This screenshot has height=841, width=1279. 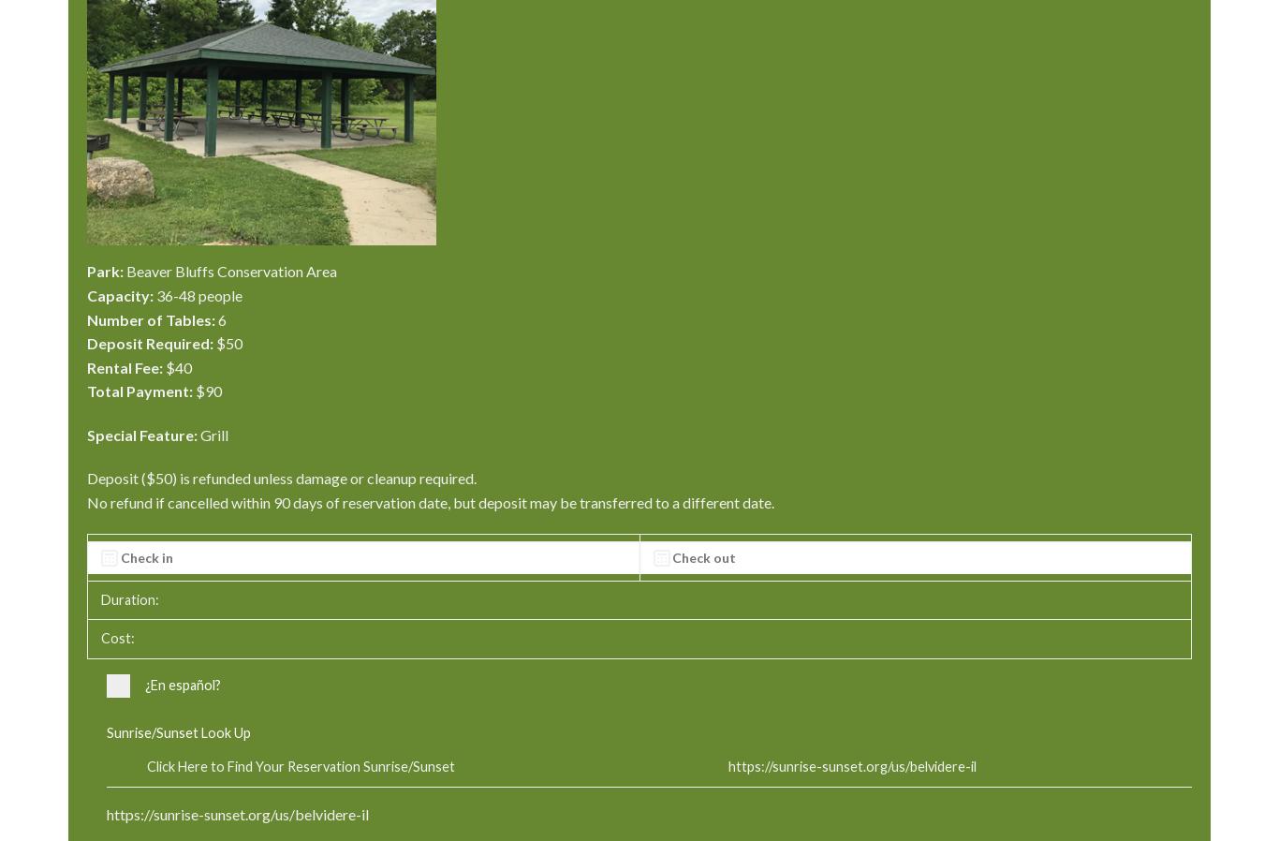 I want to click on 'Caster’s Shelter', so click(x=698, y=29).